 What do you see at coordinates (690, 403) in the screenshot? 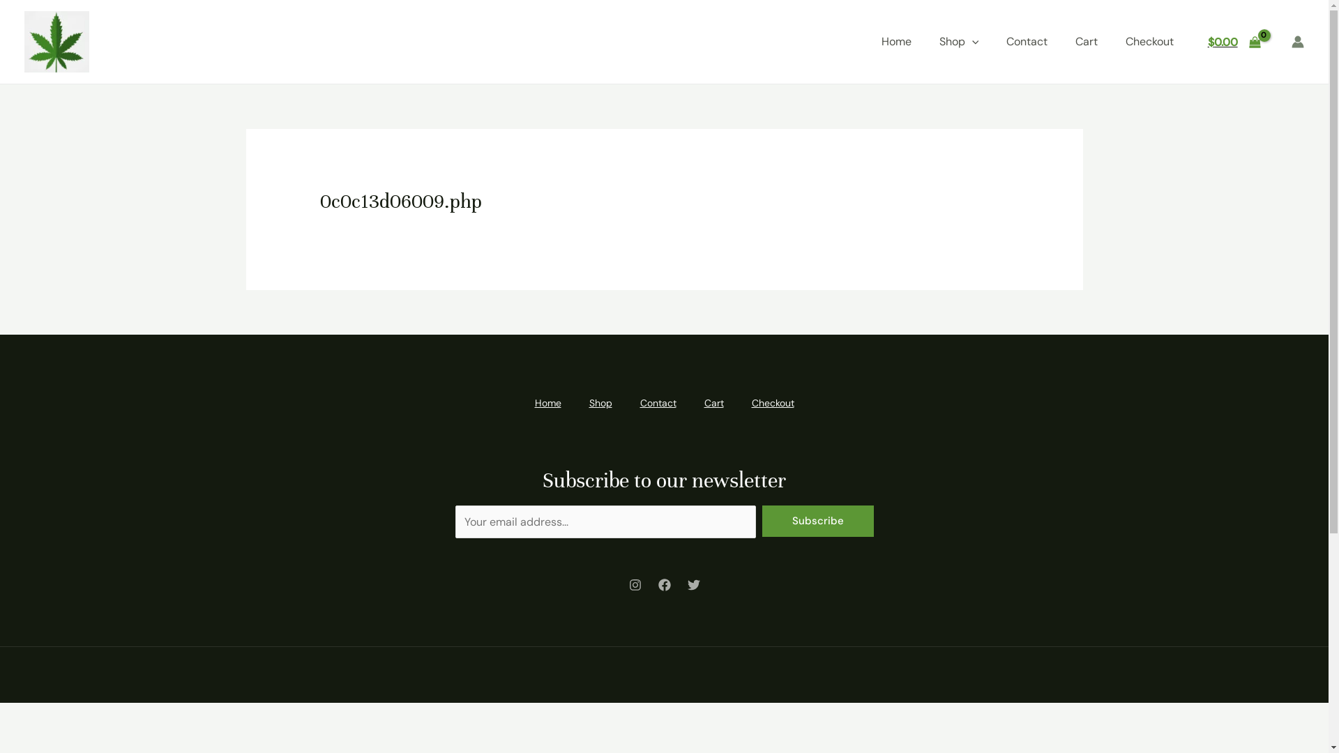
I see `'Cart'` at bounding box center [690, 403].